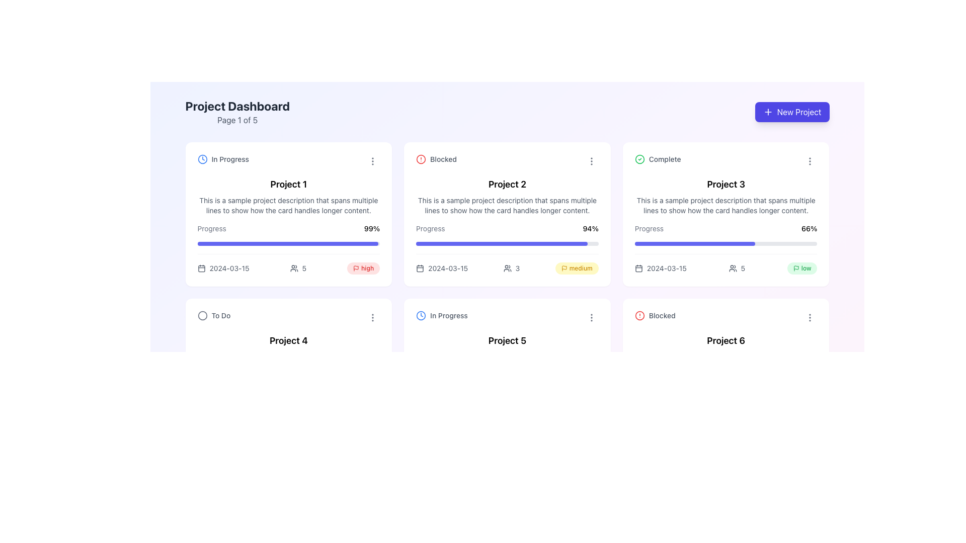  What do you see at coordinates (363, 267) in the screenshot?
I see `Status label with icon indicating high-priority status for 'Project 1' located in the bottom section of the project card near the center of the dashboard` at bounding box center [363, 267].